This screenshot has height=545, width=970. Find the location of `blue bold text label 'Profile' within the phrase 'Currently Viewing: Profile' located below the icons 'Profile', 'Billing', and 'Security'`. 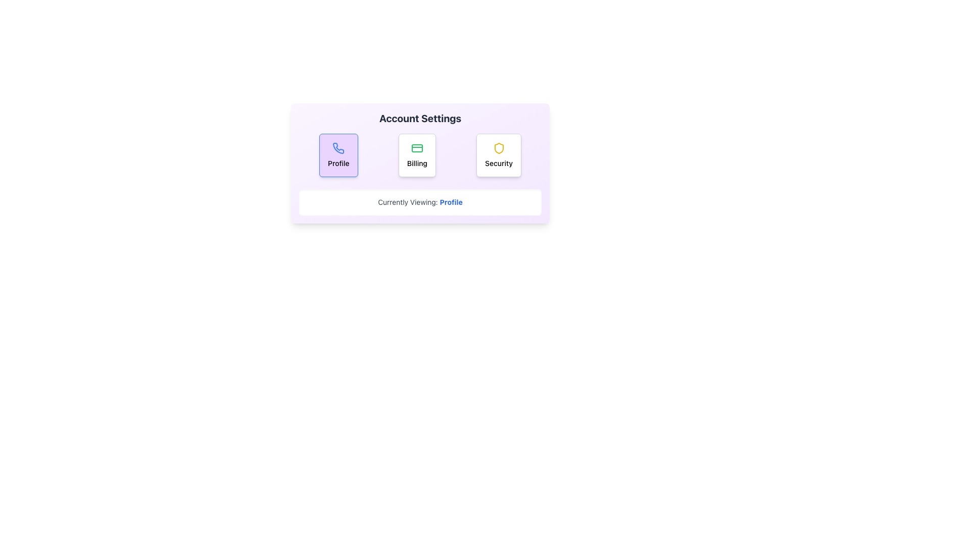

blue bold text label 'Profile' within the phrase 'Currently Viewing: Profile' located below the icons 'Profile', 'Billing', and 'Security' is located at coordinates (451, 202).